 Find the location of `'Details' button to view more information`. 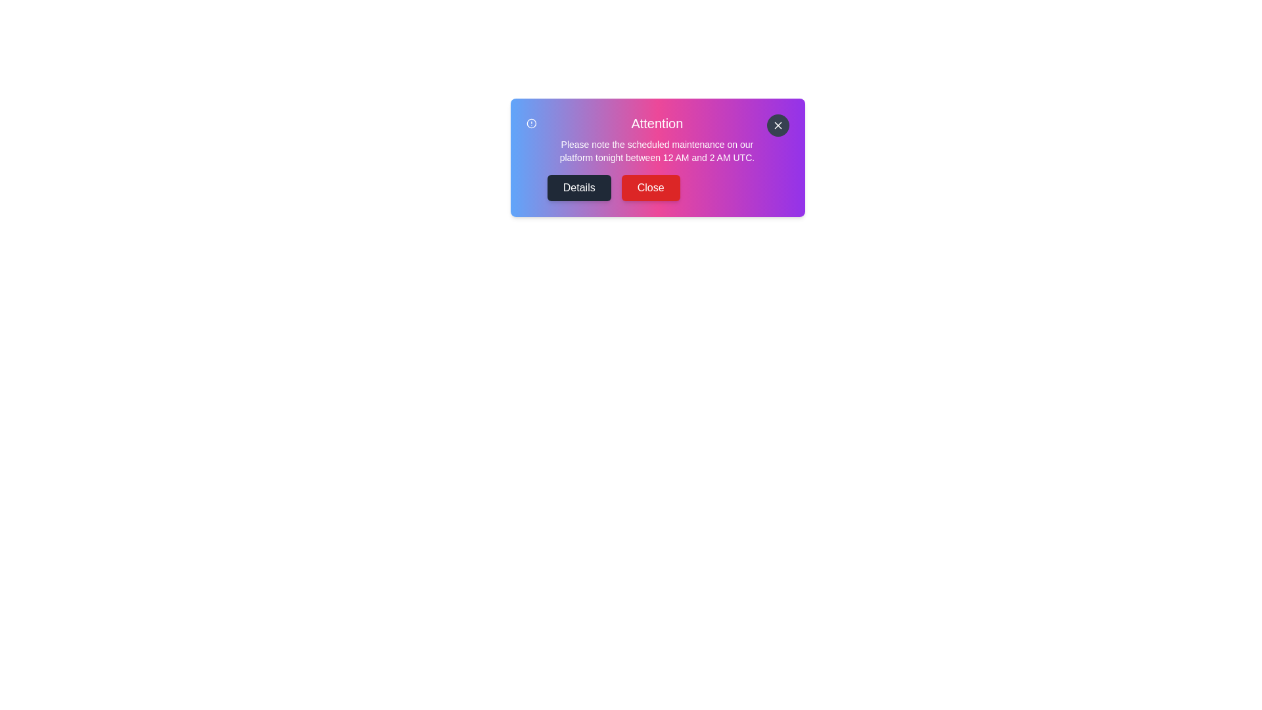

'Details' button to view more information is located at coordinates (578, 187).